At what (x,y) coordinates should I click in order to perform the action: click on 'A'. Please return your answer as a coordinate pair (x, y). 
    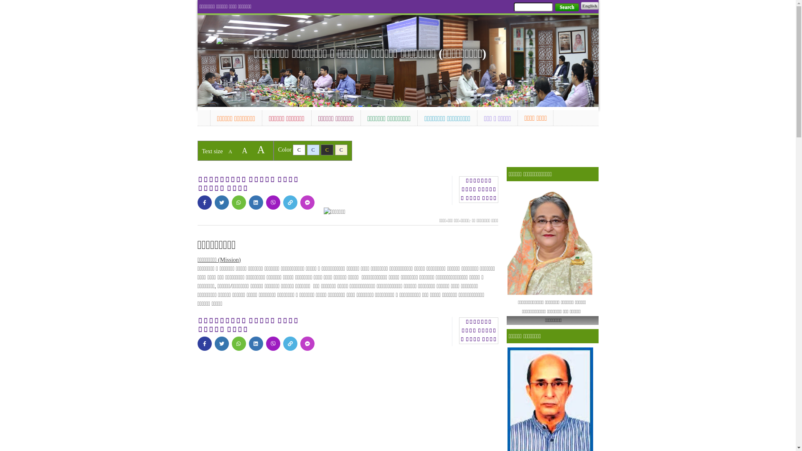
    Looking at the image, I should click on (230, 151).